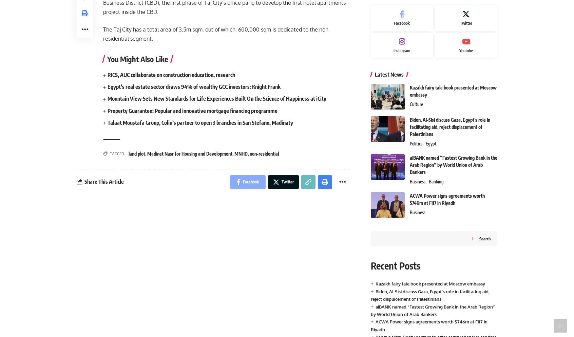 Image resolution: width=574 pixels, height=337 pixels. What do you see at coordinates (200, 122) in the screenshot?
I see `'Talaat Moustafa Group, Colin’s partner to open 3 branches in San Stefano, Madinaty'` at bounding box center [200, 122].